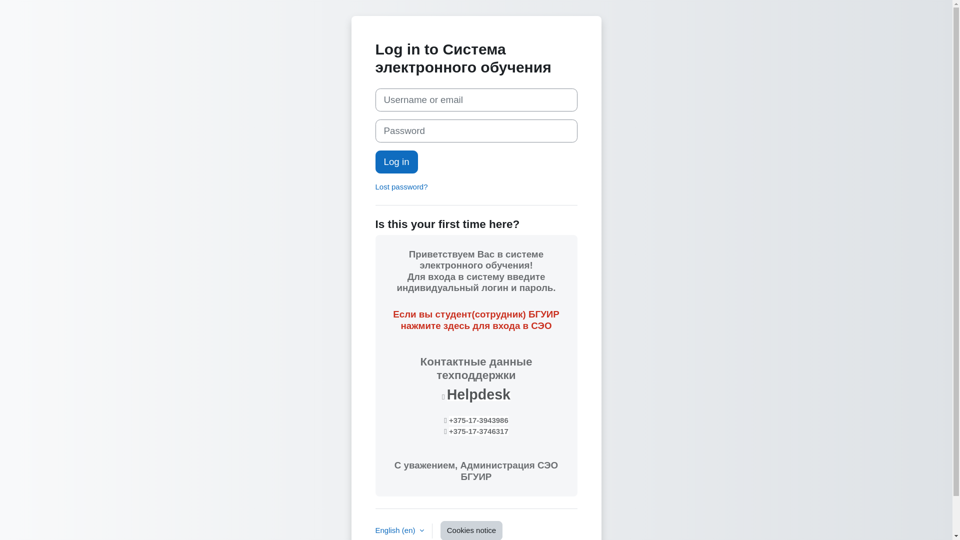  I want to click on '+375-17-3746317', so click(478, 430).